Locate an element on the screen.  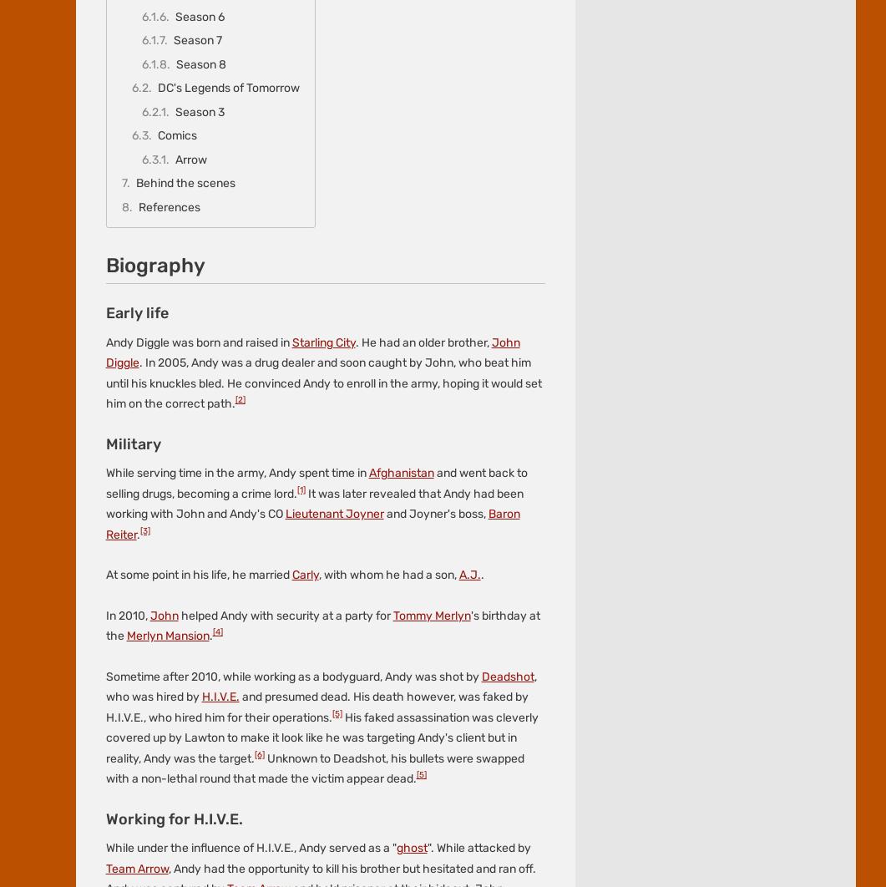
'Follow Us' is located at coordinates (100, 108).